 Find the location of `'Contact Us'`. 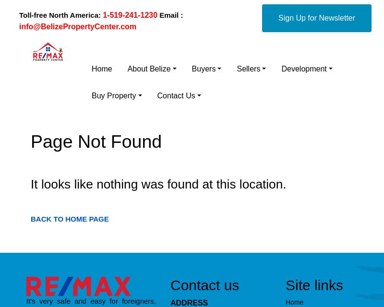

'Contact Us' is located at coordinates (156, 95).